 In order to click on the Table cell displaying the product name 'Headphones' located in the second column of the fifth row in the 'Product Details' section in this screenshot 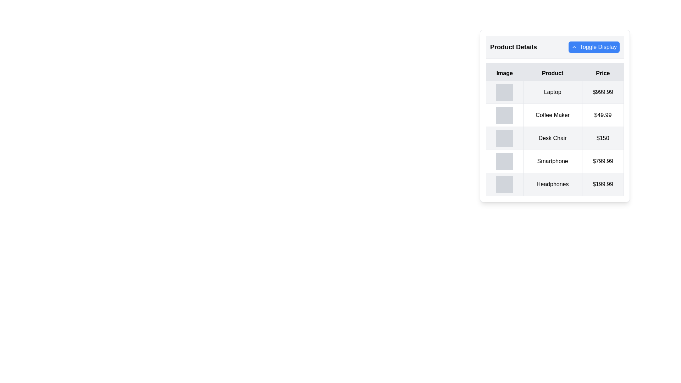, I will do `click(552, 184)`.